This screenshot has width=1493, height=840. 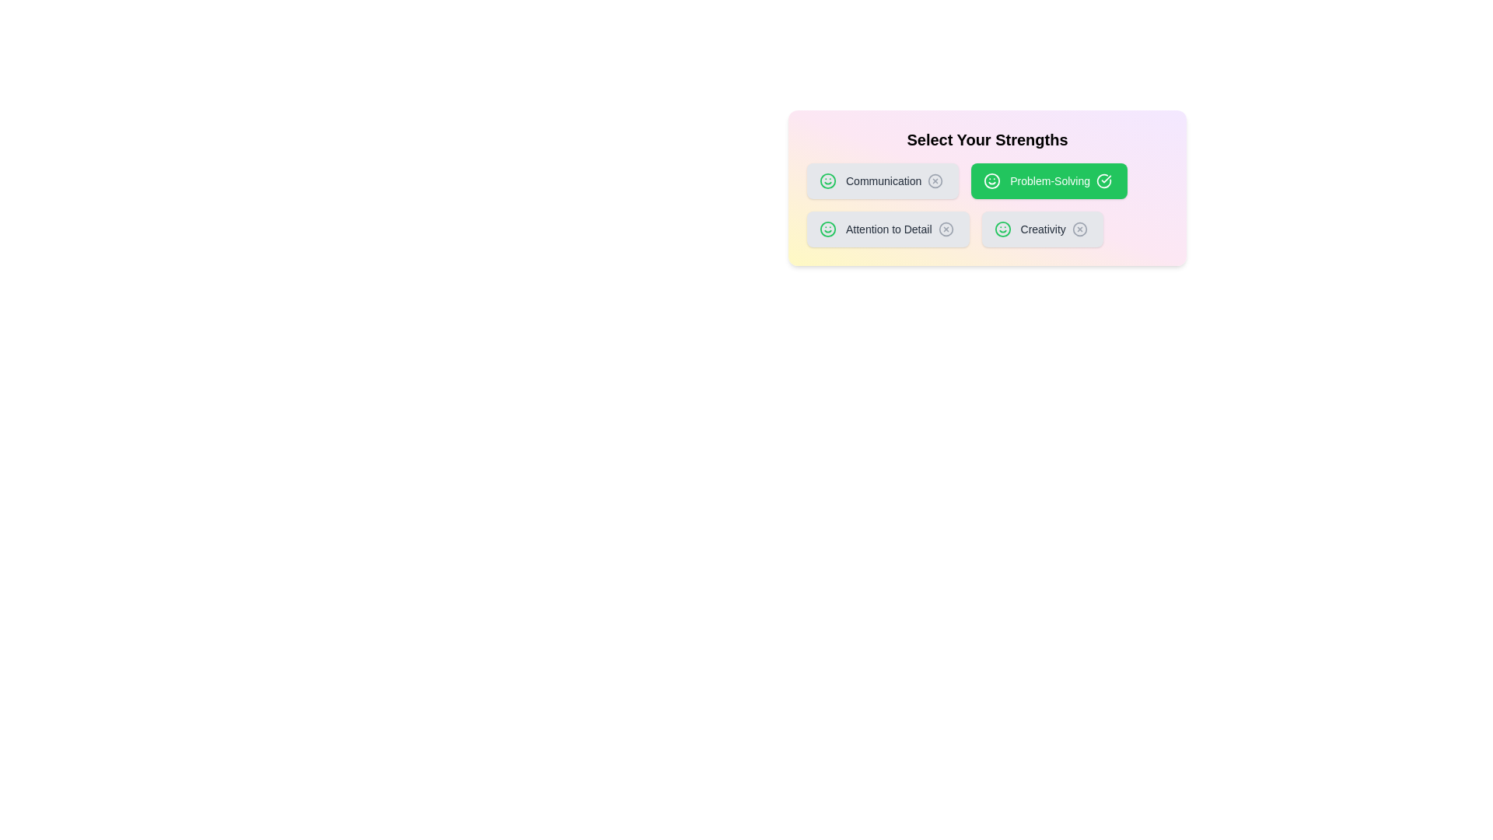 I want to click on the skill chip labeled 'Communication' to view its hover effect, so click(x=883, y=180).